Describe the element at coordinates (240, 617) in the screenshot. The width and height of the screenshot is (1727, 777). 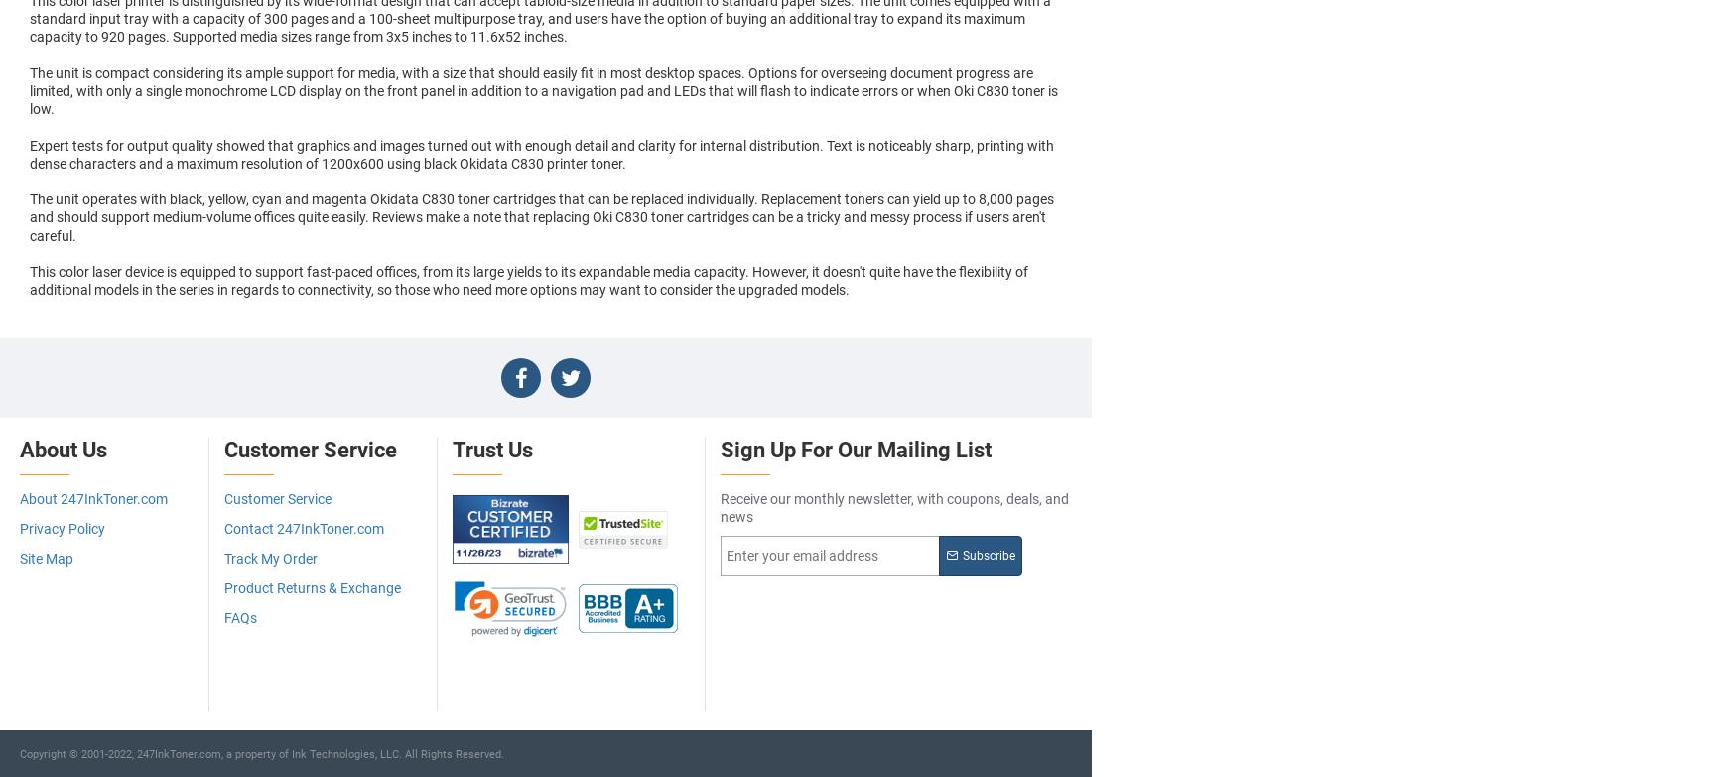
I see `'FAQs'` at that location.